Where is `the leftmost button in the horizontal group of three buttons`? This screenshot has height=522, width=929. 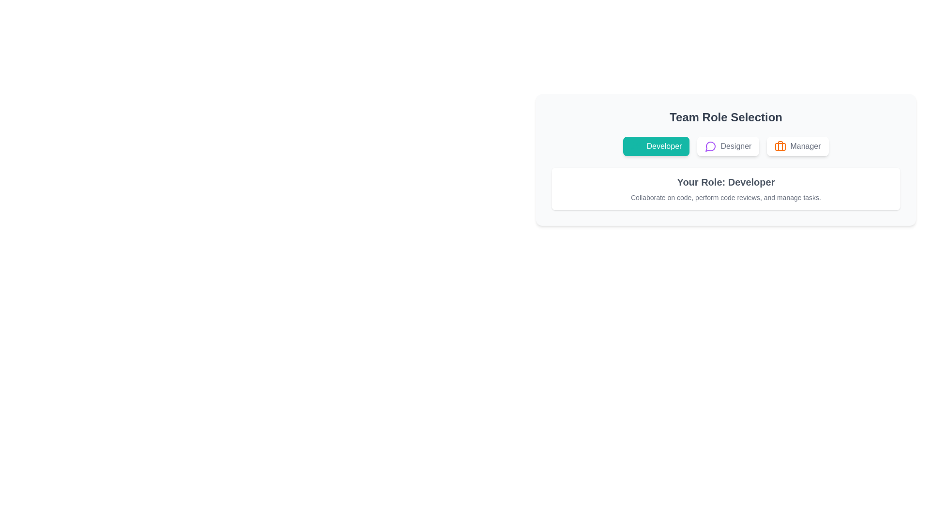
the leftmost button in the horizontal group of three buttons is located at coordinates (656, 146).